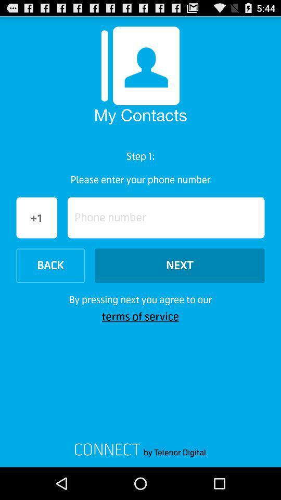  What do you see at coordinates (179, 265) in the screenshot?
I see `the text next` at bounding box center [179, 265].